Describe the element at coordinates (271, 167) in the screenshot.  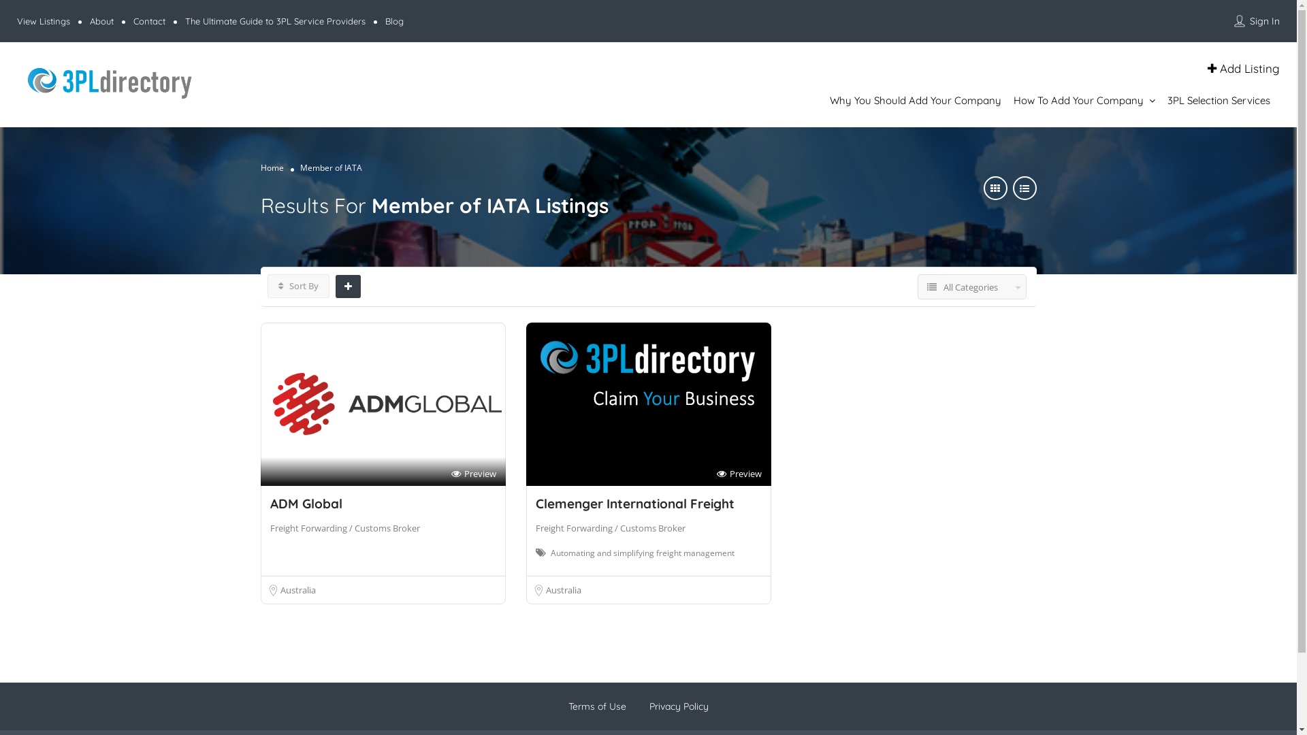
I see `'Home'` at that location.